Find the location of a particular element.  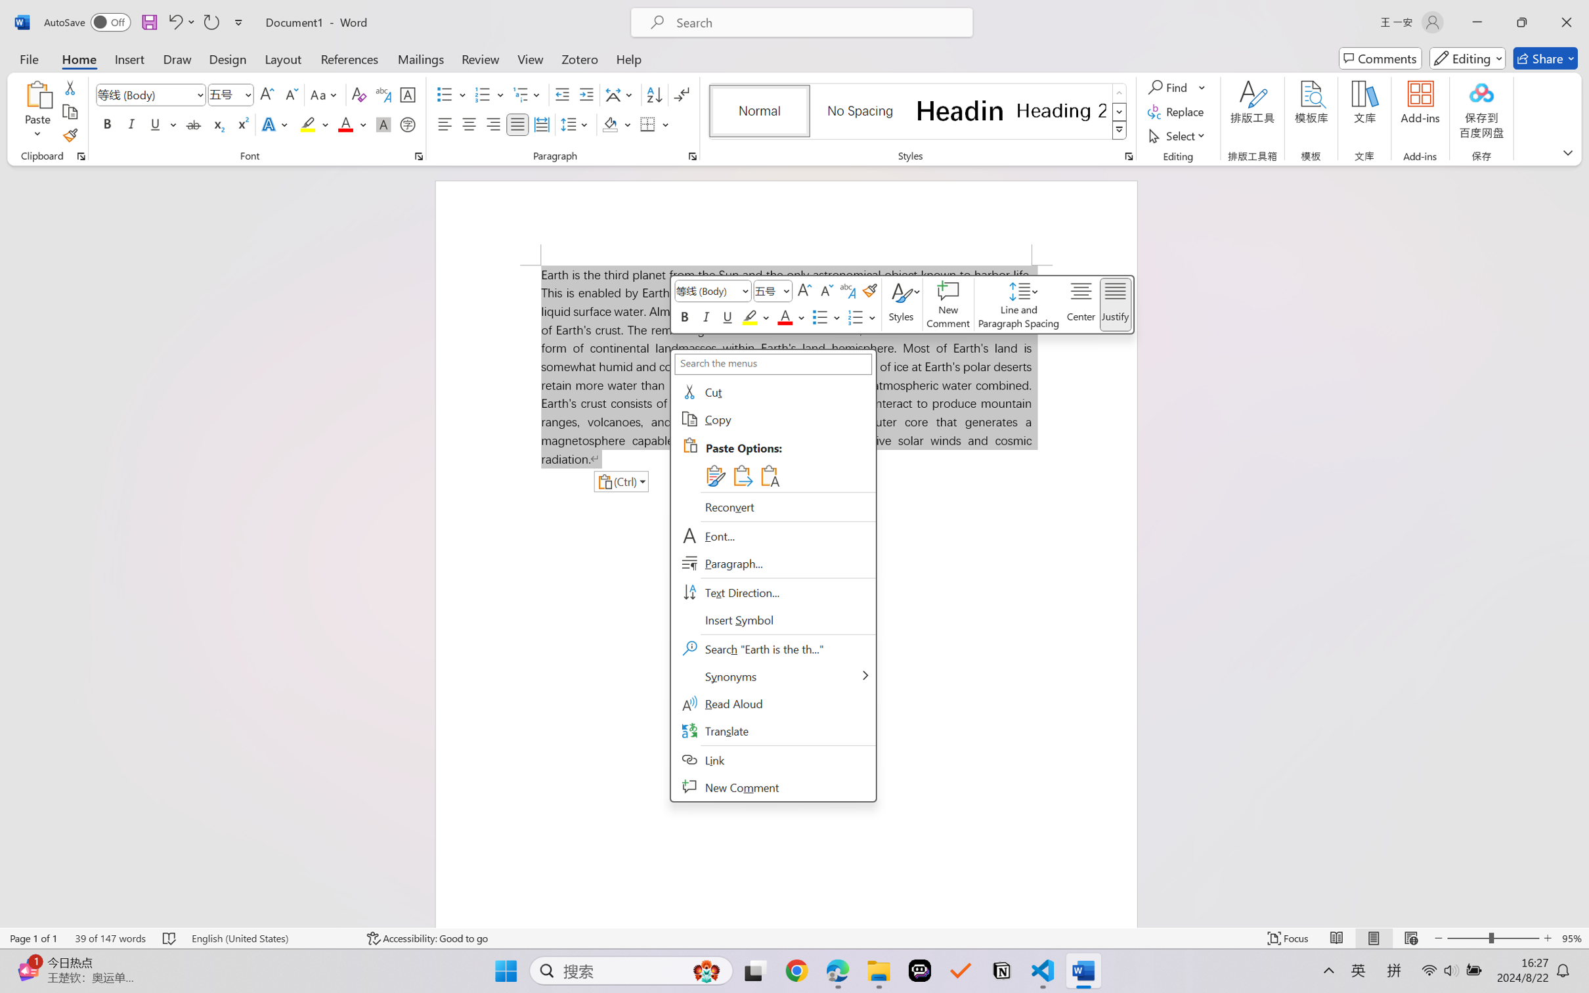

'Synonyms' is located at coordinates (773, 676).